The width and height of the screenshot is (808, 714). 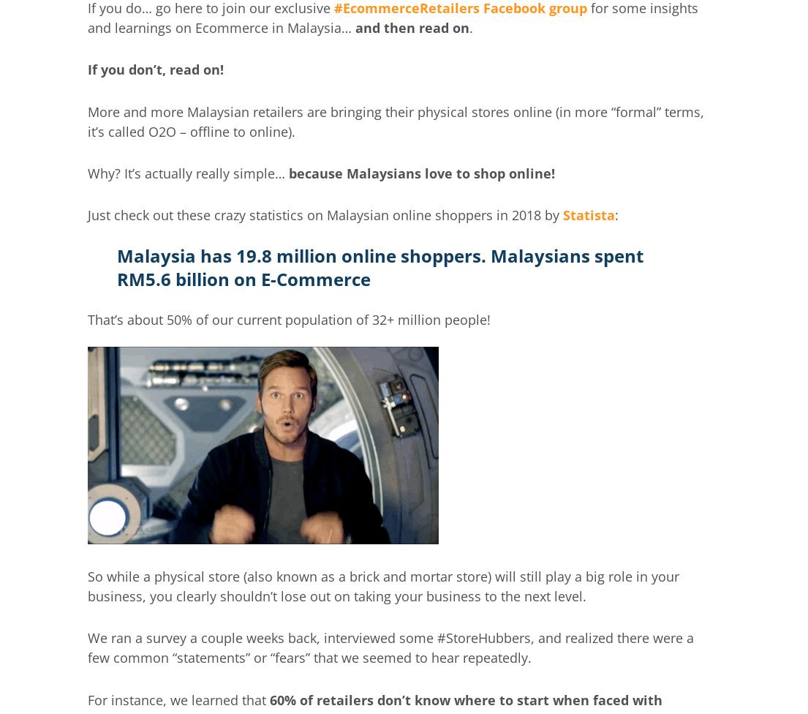 I want to click on 'because Malaysians love to shop online!', so click(x=422, y=172).